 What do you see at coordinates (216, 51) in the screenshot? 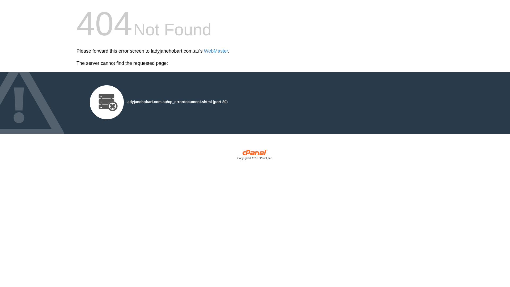
I see `'WebMaster'` at bounding box center [216, 51].